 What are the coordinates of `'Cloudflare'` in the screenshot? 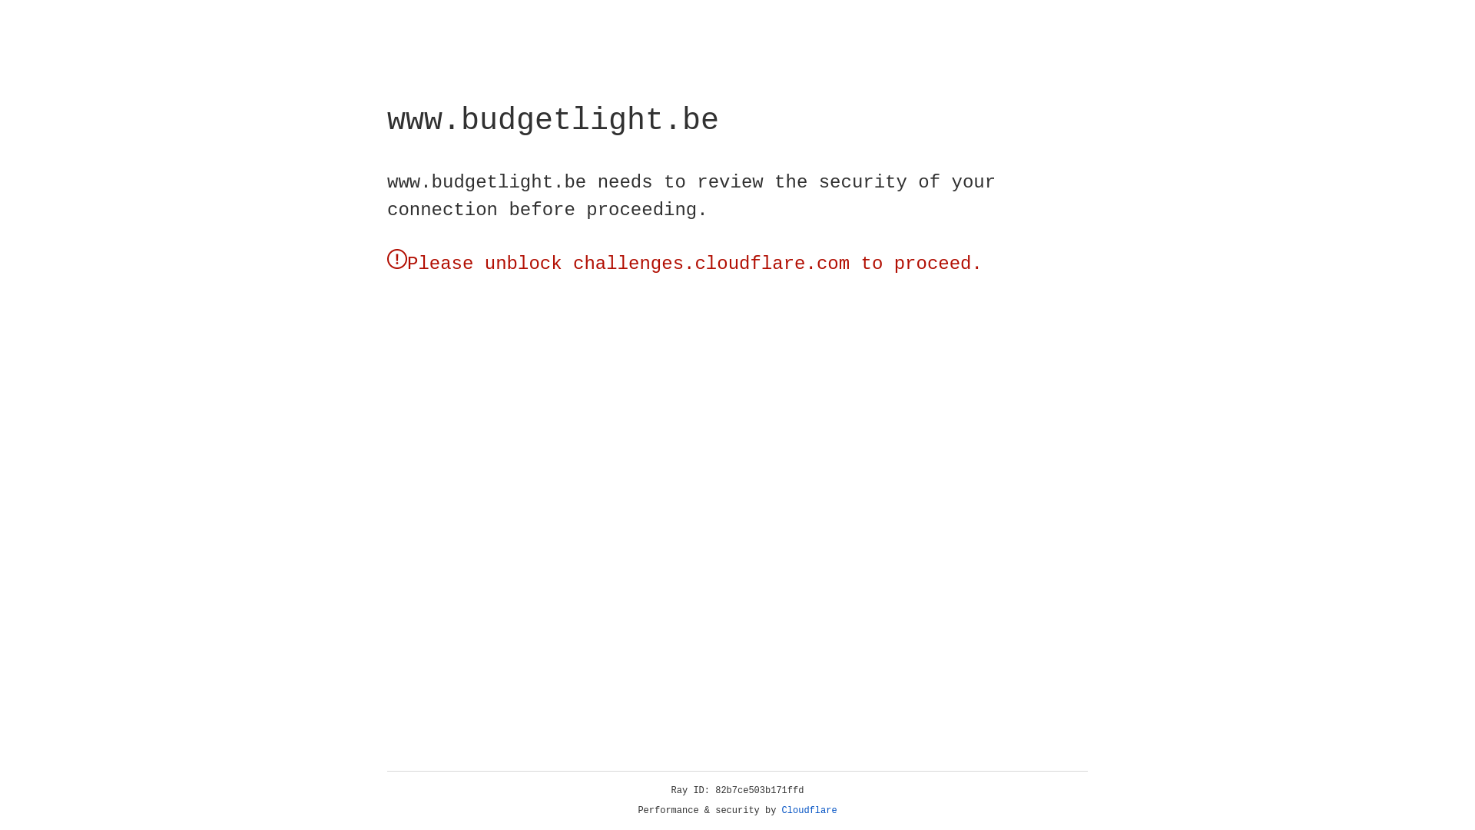 It's located at (809, 810).